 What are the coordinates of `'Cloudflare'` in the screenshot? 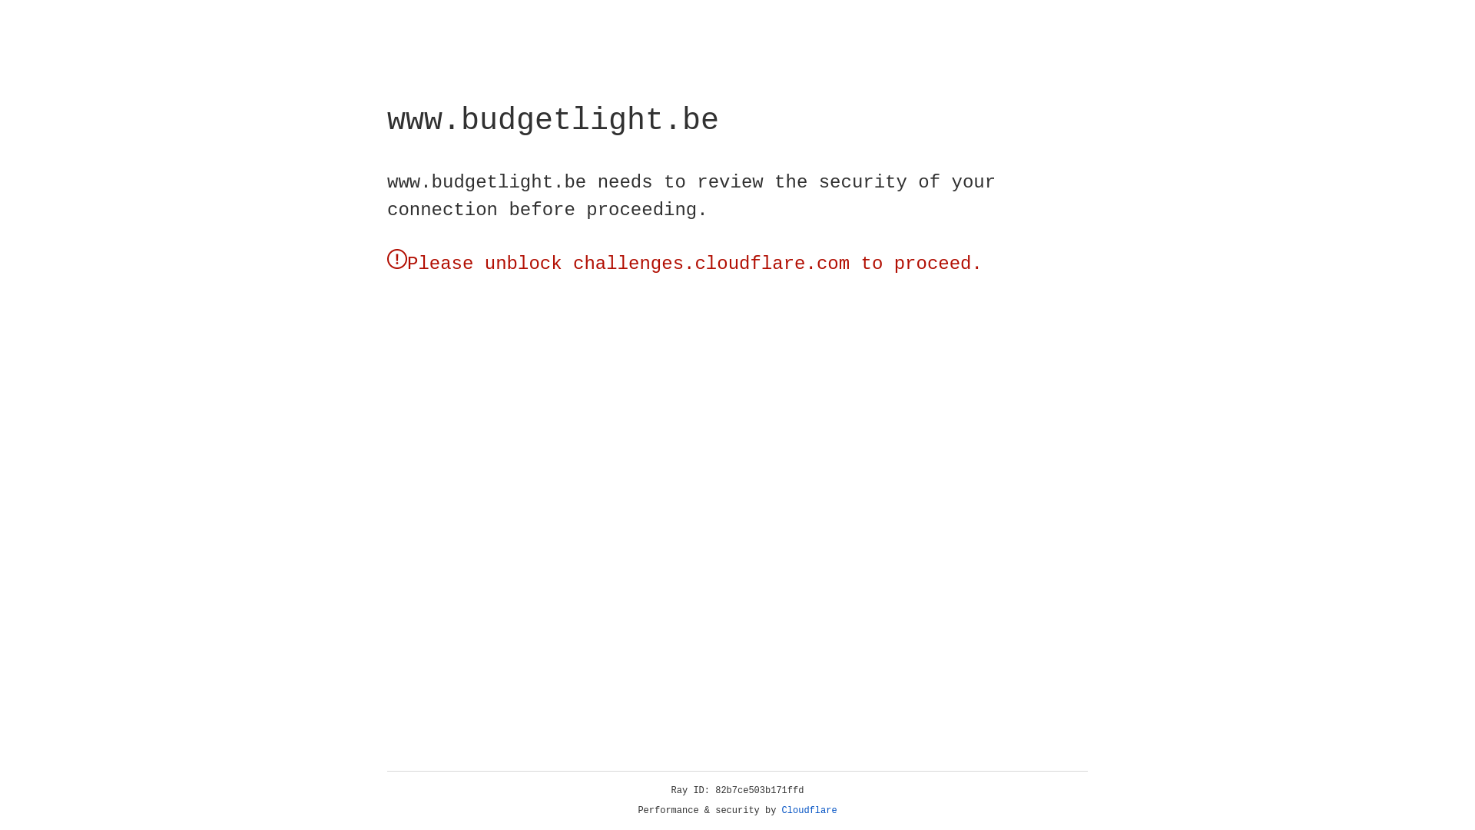 It's located at (809, 810).